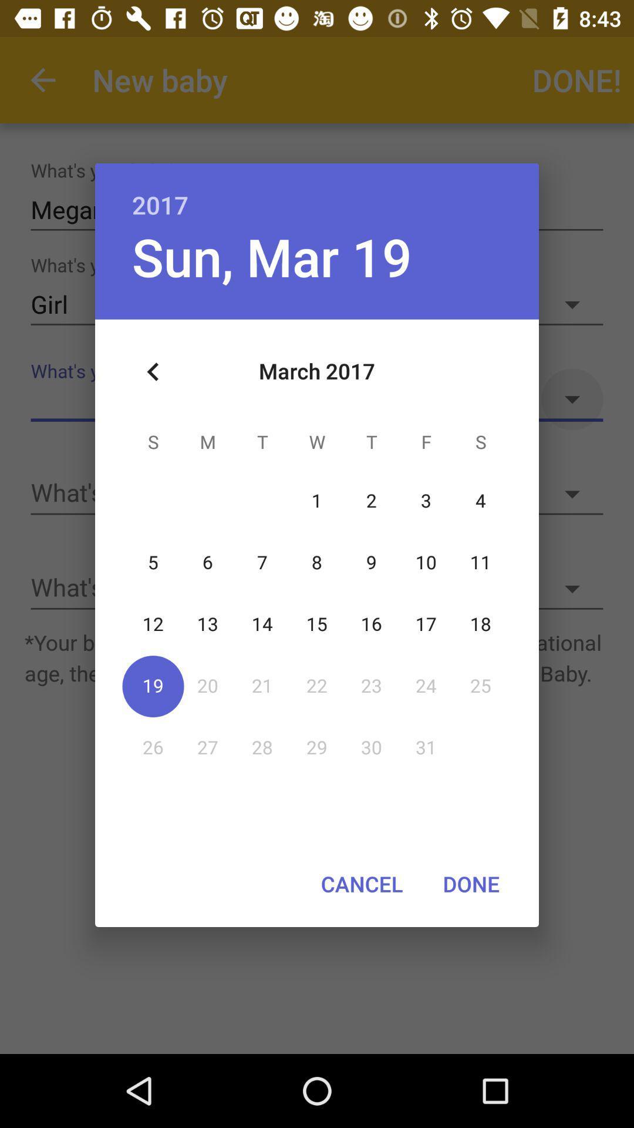 Image resolution: width=634 pixels, height=1128 pixels. Describe the element at coordinates (470, 884) in the screenshot. I see `the item next to cancel` at that location.